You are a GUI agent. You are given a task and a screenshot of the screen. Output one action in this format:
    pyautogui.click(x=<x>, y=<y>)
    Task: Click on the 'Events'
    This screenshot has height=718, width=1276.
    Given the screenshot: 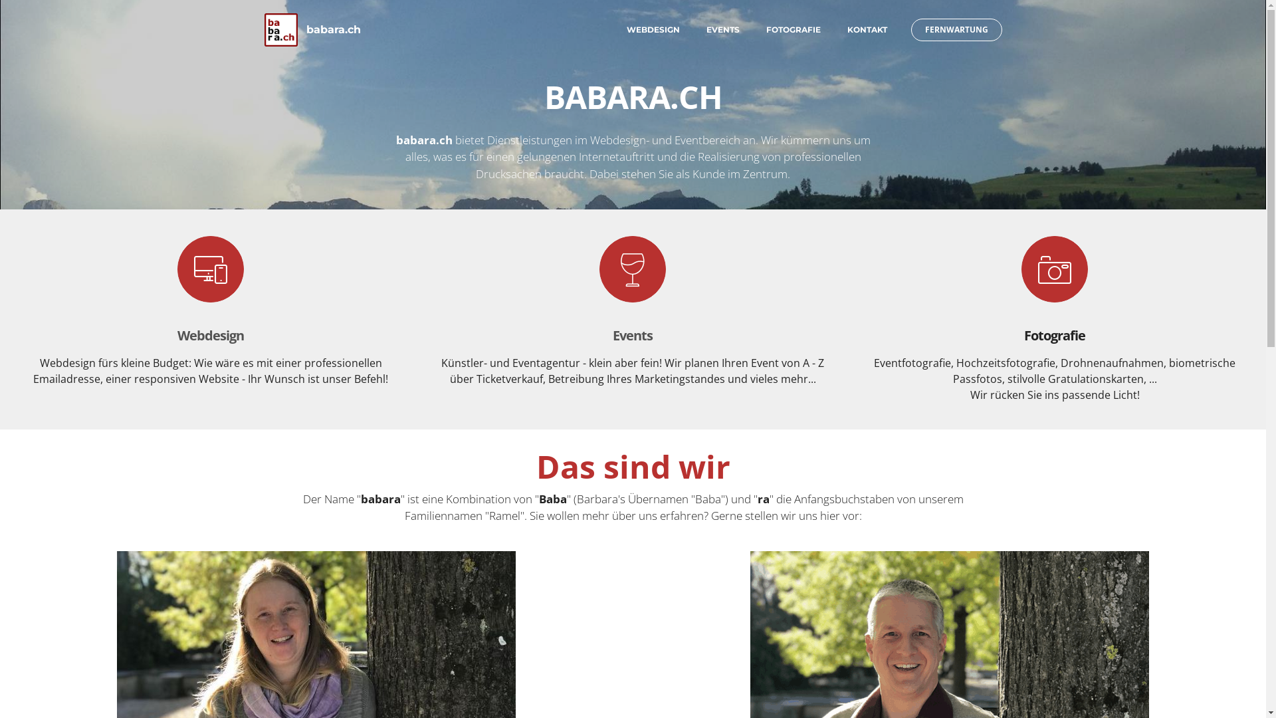 What is the action you would take?
    pyautogui.click(x=611, y=334)
    